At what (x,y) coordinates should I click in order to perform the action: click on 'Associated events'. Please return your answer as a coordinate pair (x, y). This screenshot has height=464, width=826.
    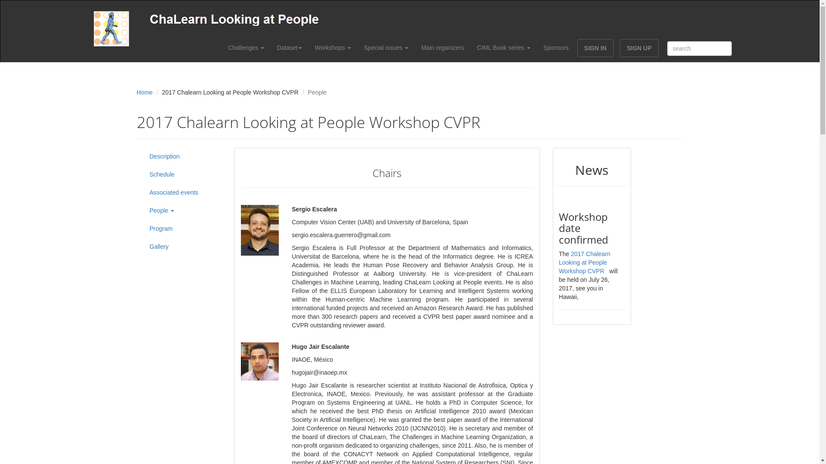
    Looking at the image, I should click on (181, 192).